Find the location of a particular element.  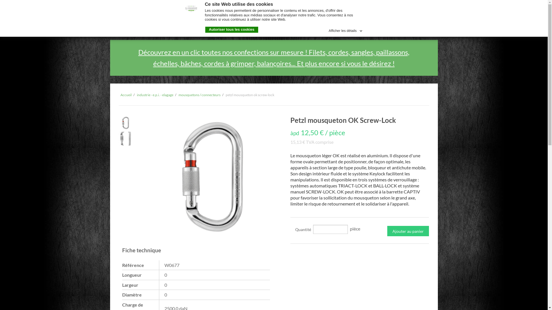

'en' is located at coordinates (434, 9).